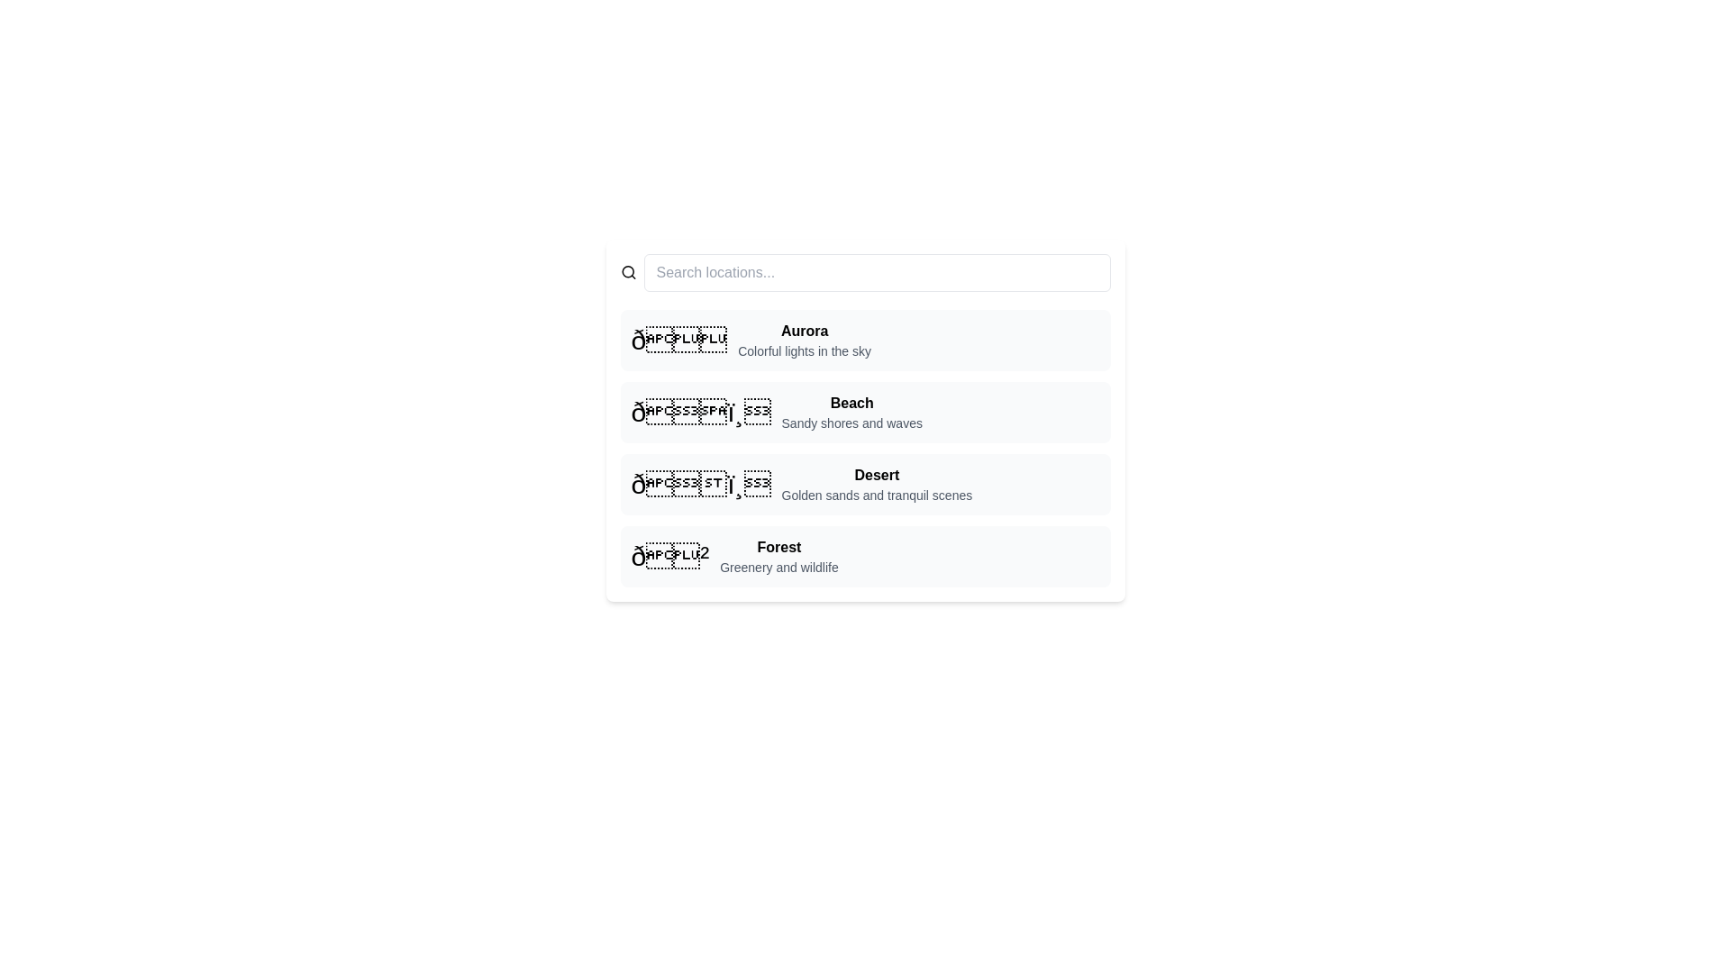  I want to click on the selectable list option labeled 'Forest', which describes 'Greenery and wildlife', to confirm the selection, so click(778, 555).